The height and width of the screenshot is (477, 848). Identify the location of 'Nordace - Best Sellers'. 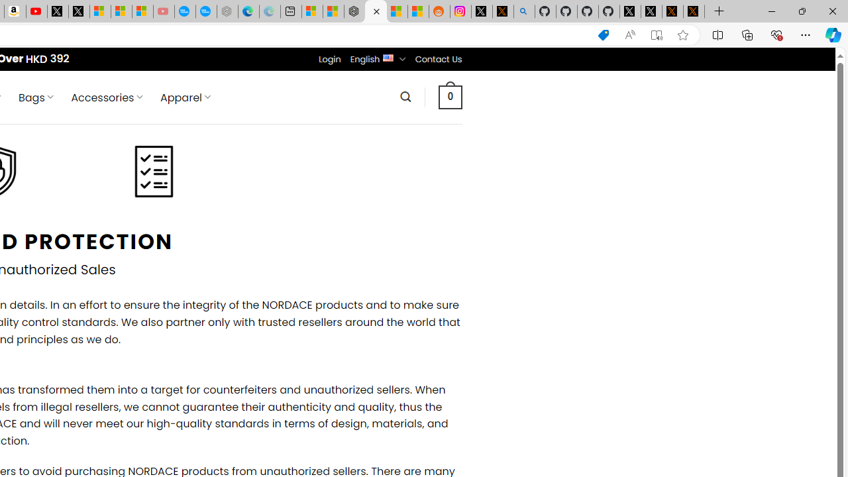
(354, 11).